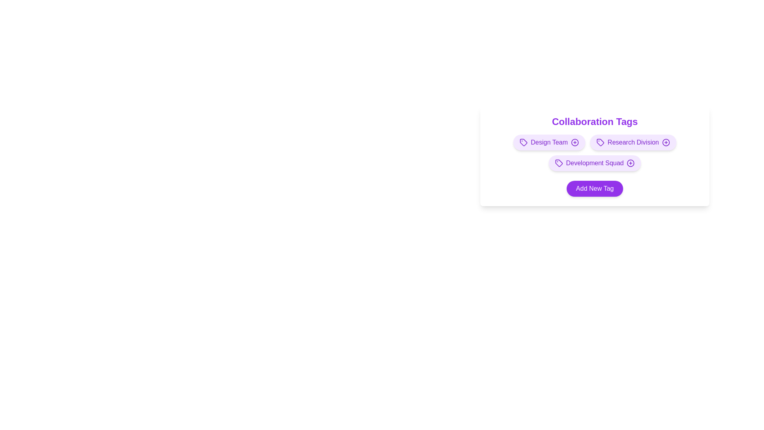  I want to click on the remove icon for the tag Development Squad, so click(630, 162).